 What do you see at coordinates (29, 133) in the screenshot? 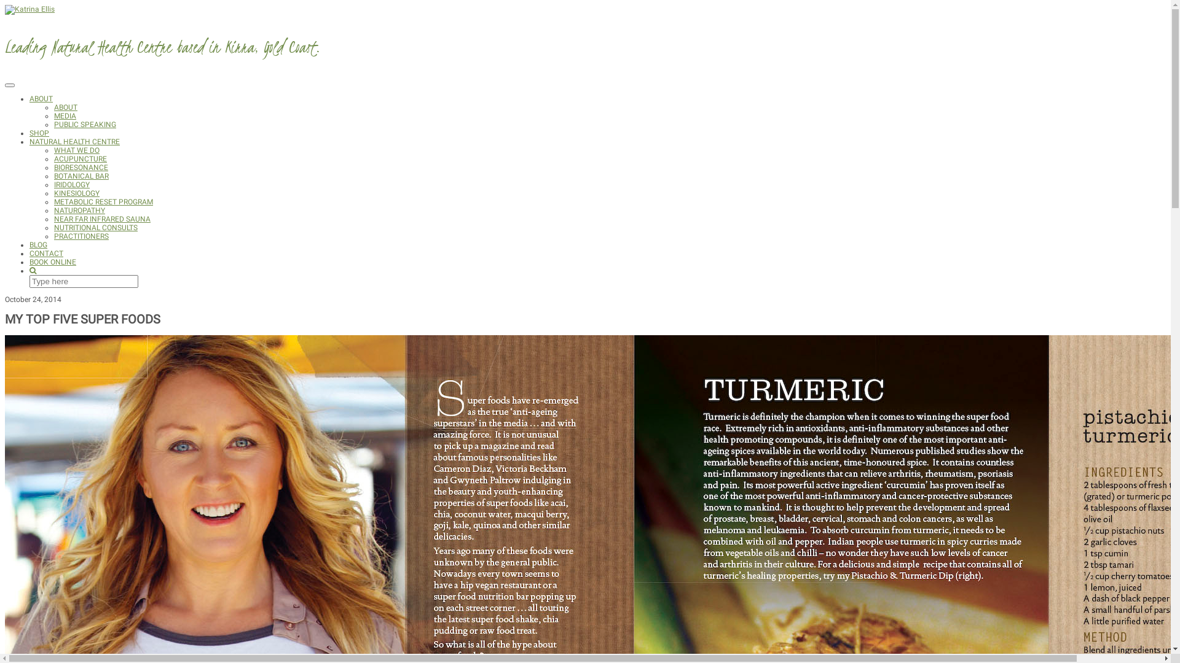
I see `'SHOP'` at bounding box center [29, 133].